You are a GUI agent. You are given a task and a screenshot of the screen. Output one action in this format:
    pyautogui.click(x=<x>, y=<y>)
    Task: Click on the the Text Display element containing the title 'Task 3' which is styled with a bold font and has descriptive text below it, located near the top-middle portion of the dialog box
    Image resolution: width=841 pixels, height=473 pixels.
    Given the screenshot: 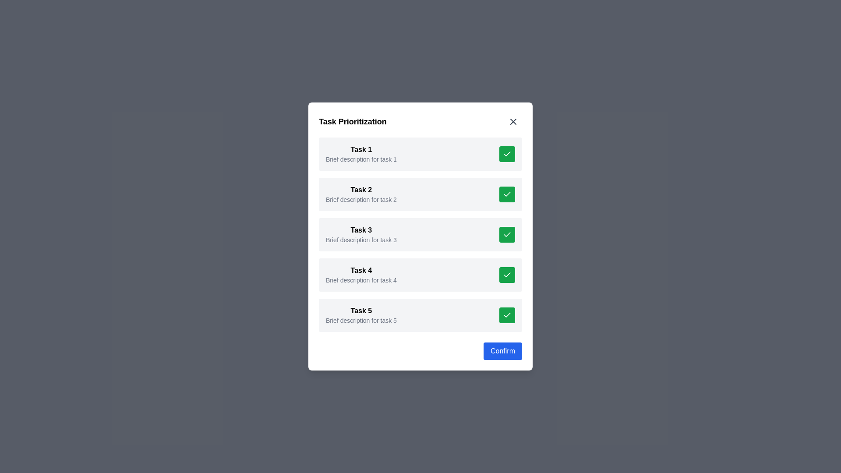 What is the action you would take?
    pyautogui.click(x=361, y=234)
    